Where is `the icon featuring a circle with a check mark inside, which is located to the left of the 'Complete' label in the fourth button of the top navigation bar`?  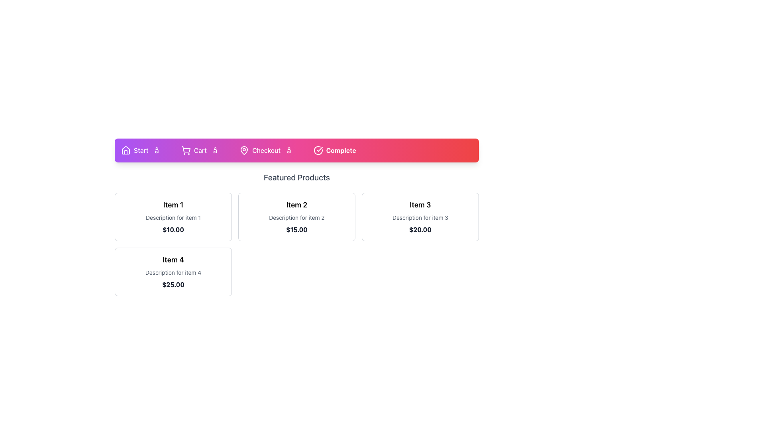 the icon featuring a circle with a check mark inside, which is located to the left of the 'Complete' label in the fourth button of the top navigation bar is located at coordinates (318, 150).